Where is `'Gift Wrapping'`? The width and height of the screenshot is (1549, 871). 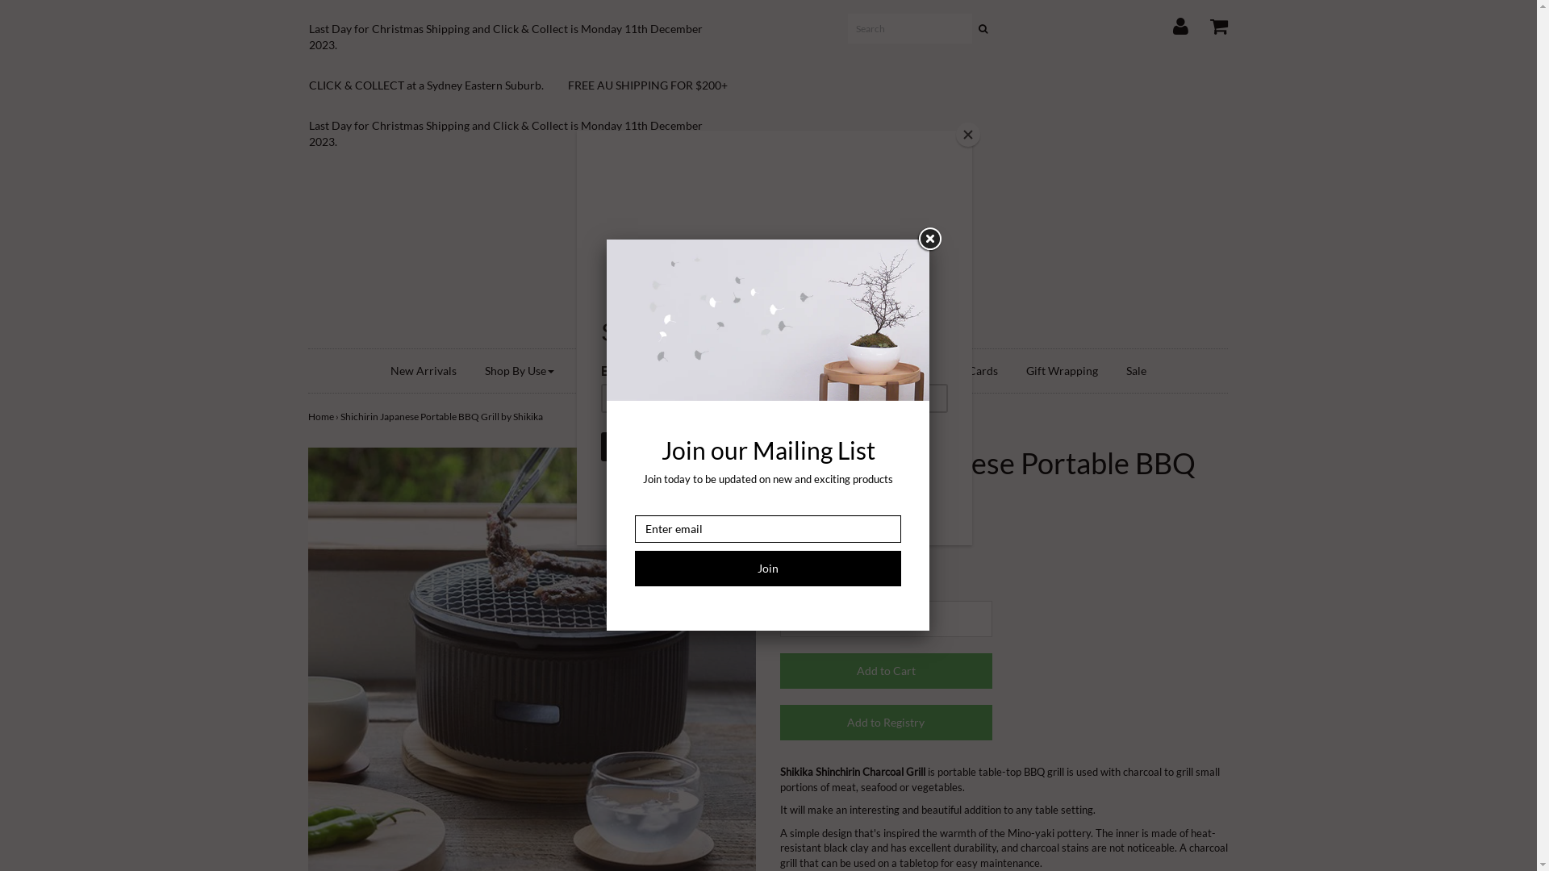
'Gift Wrapping' is located at coordinates (1012, 370).